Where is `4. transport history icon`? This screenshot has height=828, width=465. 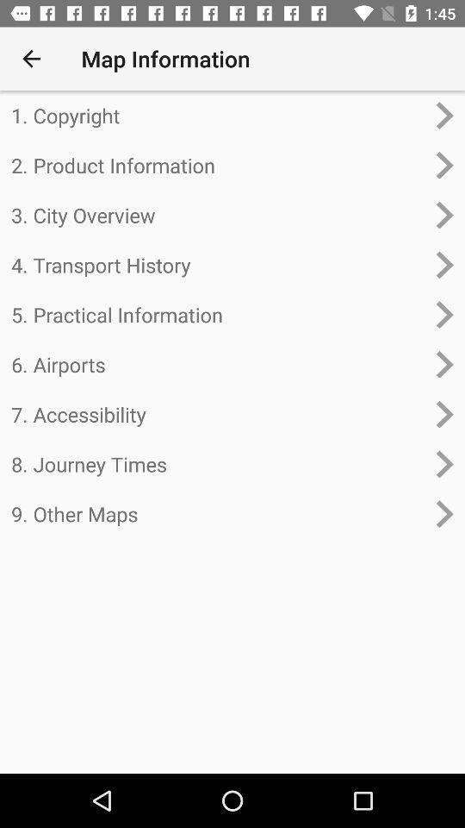 4. transport history icon is located at coordinates (218, 265).